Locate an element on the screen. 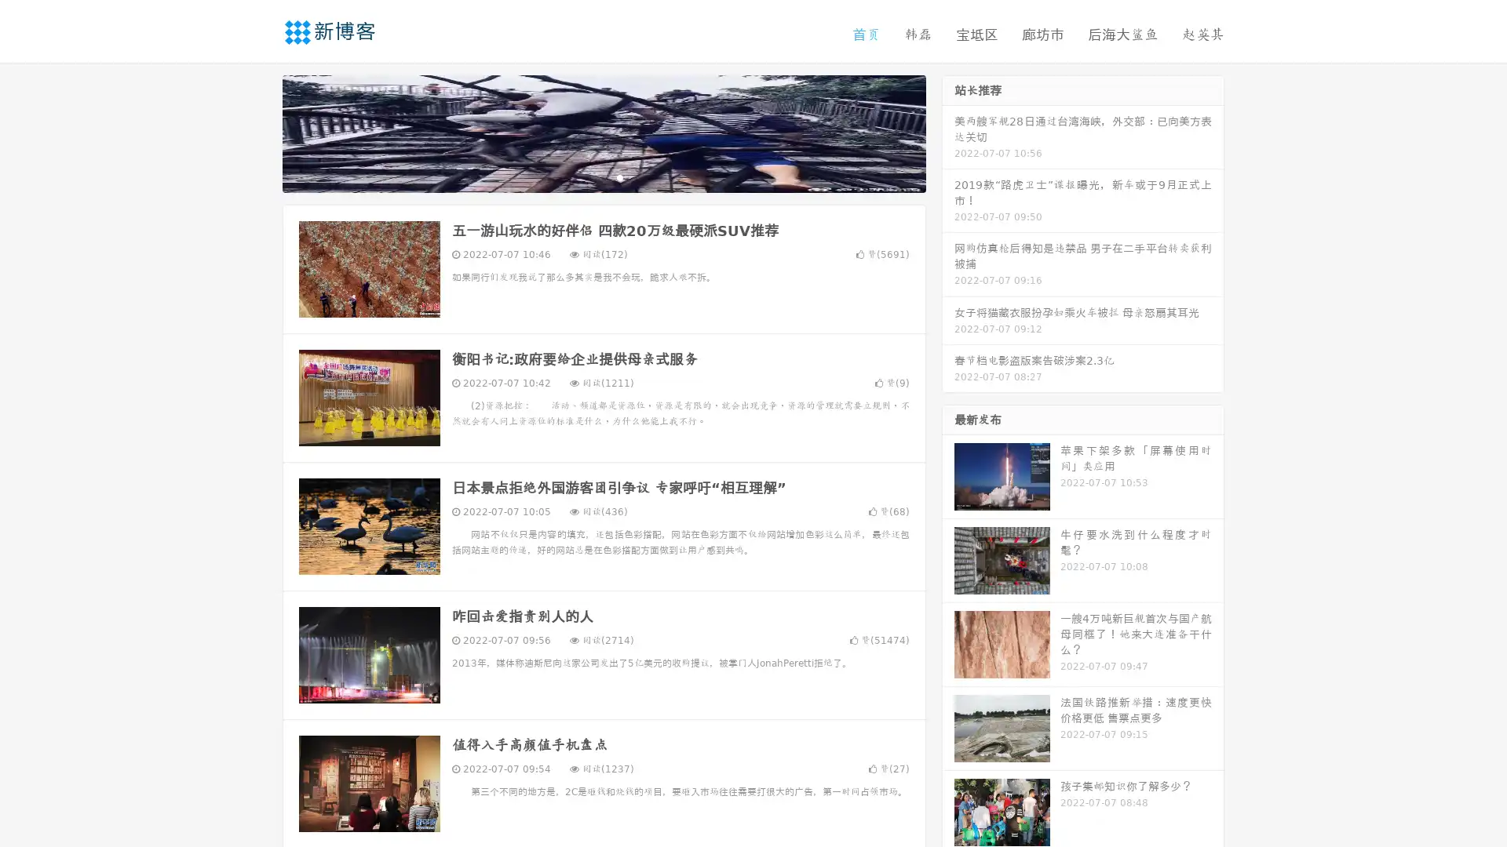 This screenshot has width=1507, height=847. Go to slide 2 is located at coordinates (603, 176).